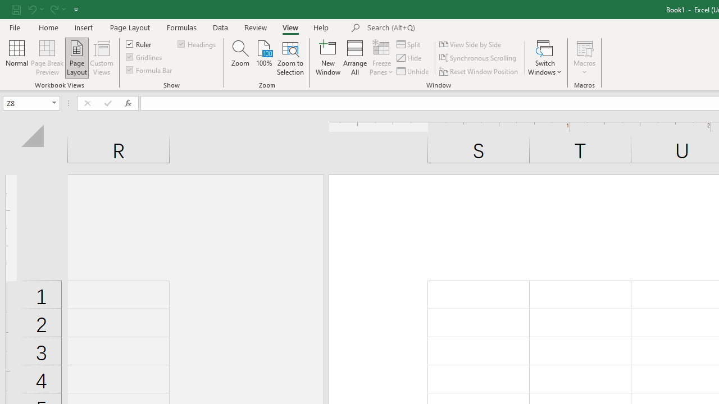 This screenshot has height=404, width=719. Describe the element at coordinates (290, 58) in the screenshot. I see `'Zoom to Selection'` at that location.